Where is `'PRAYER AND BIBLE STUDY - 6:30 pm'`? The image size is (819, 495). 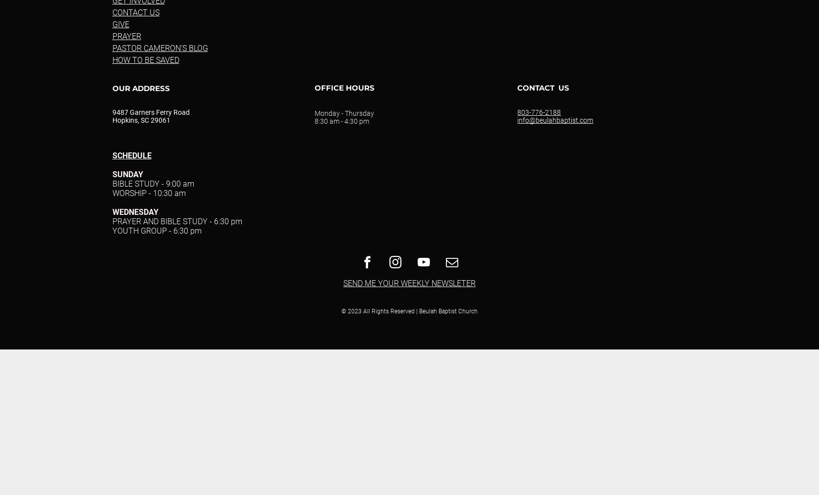 'PRAYER AND BIBLE STUDY - 6:30 pm' is located at coordinates (176, 221).